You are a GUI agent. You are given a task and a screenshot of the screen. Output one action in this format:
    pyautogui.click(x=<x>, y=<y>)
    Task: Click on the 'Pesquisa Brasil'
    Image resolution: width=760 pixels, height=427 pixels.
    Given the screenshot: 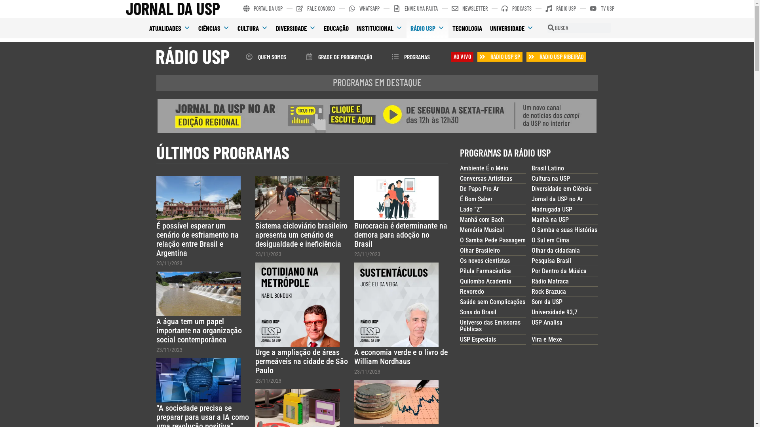 What is the action you would take?
    pyautogui.click(x=532, y=261)
    